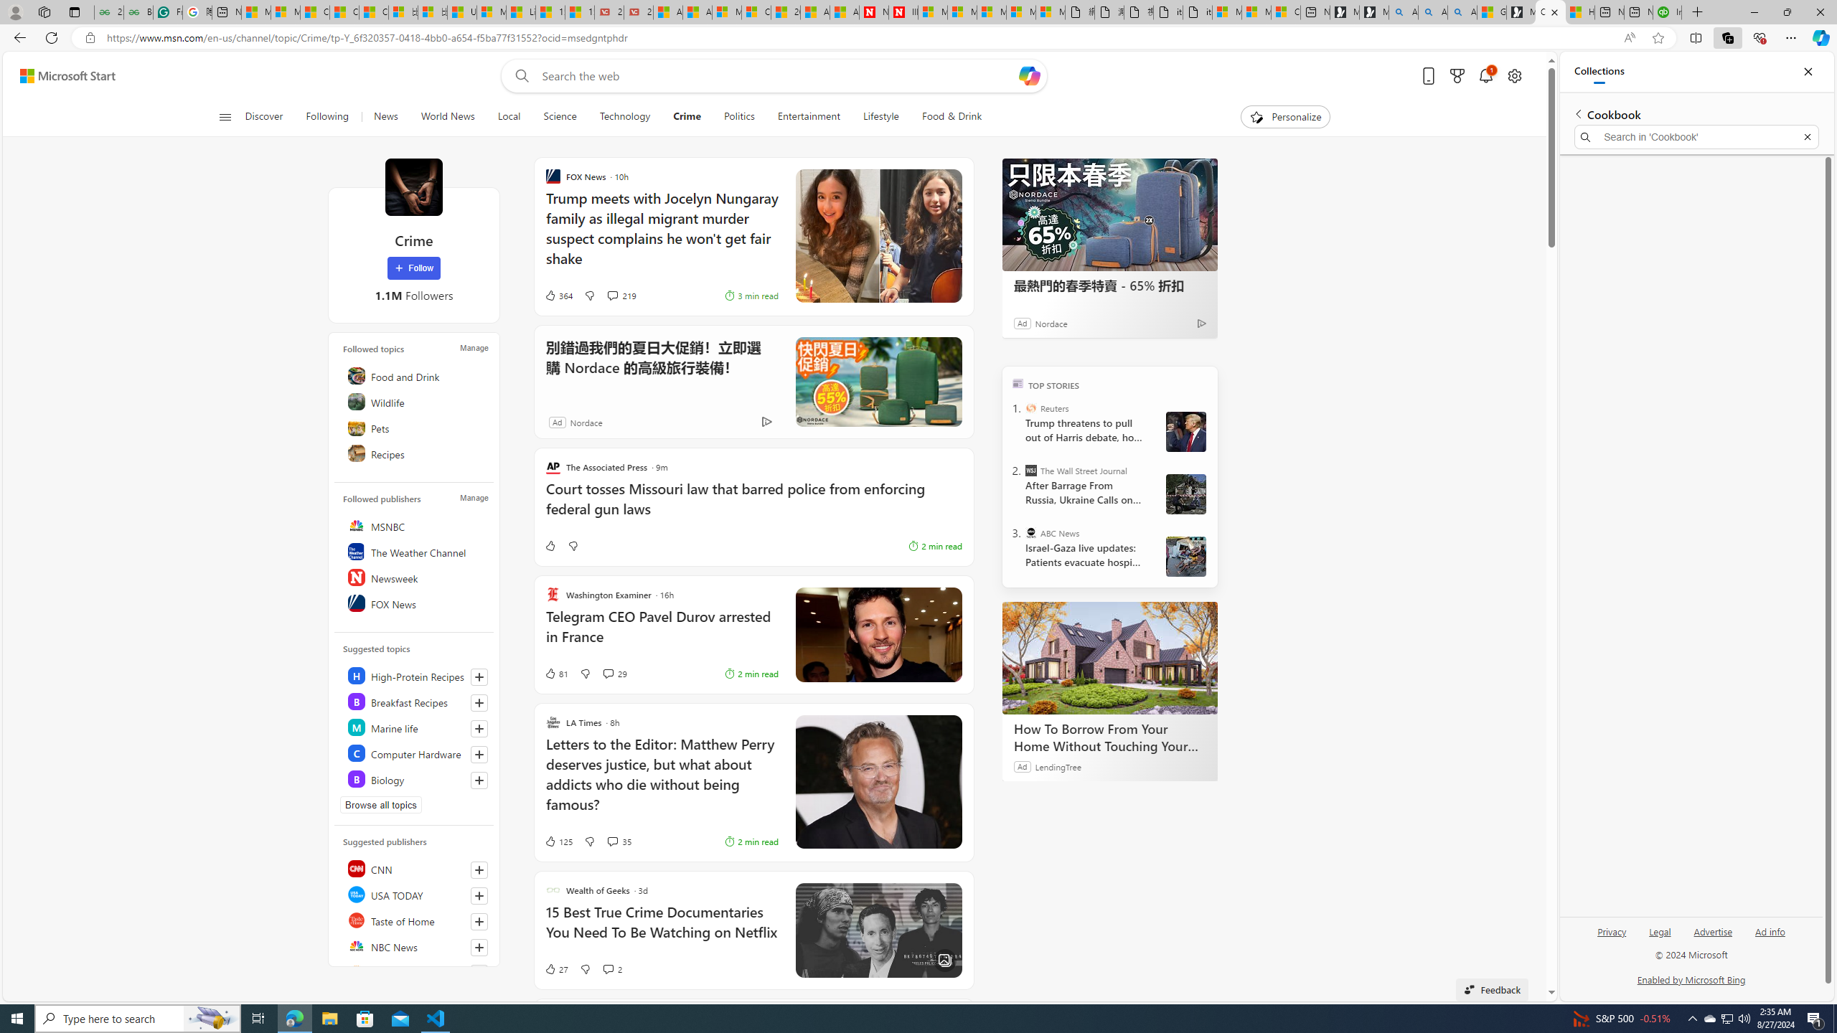  Describe the element at coordinates (555, 969) in the screenshot. I see `'27 Like'` at that location.